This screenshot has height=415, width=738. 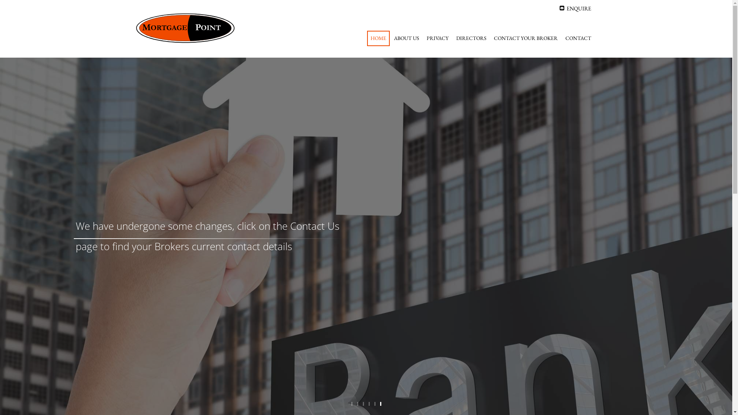 What do you see at coordinates (575, 8) in the screenshot?
I see `'ENQUIRE'` at bounding box center [575, 8].